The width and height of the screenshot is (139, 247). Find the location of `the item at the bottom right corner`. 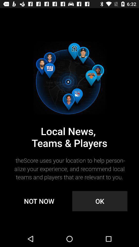

the item at the bottom right corner is located at coordinates (100, 201).